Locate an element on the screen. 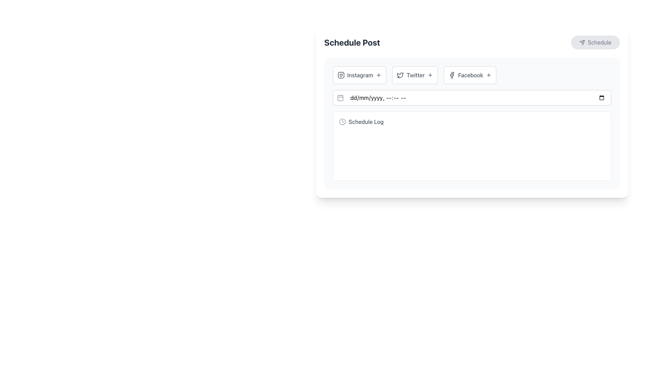  the calendar icon located to the far left of the datetime input field, which triggers the date picker functionality is located at coordinates (340, 98).